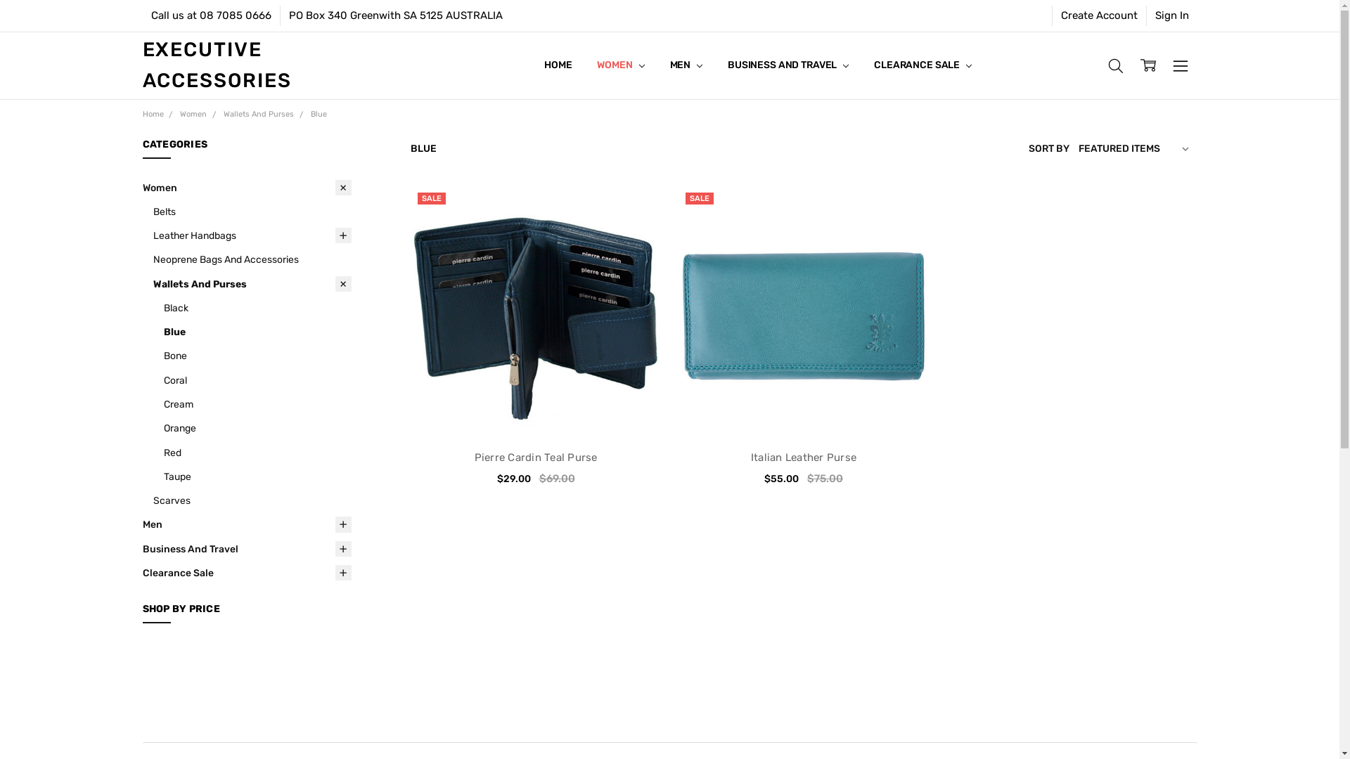  I want to click on 'WOMEN', so click(619, 65).